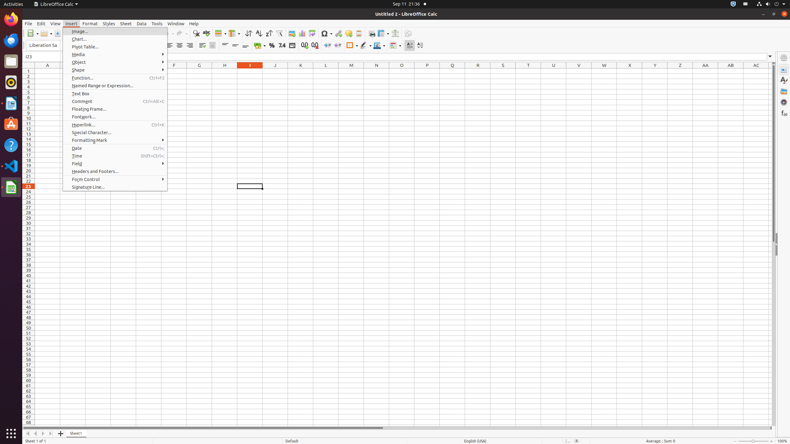  Describe the element at coordinates (327, 45) in the screenshot. I see `'Increase'` at that location.